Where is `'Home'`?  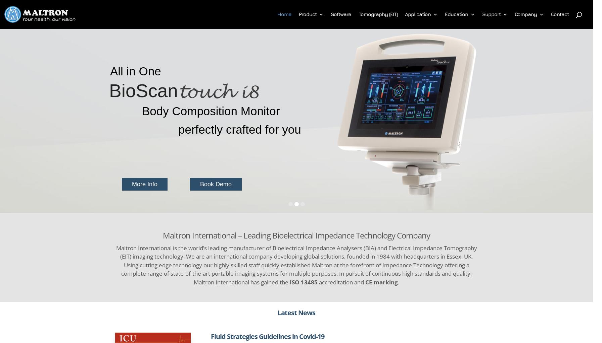
'Home' is located at coordinates (284, 14).